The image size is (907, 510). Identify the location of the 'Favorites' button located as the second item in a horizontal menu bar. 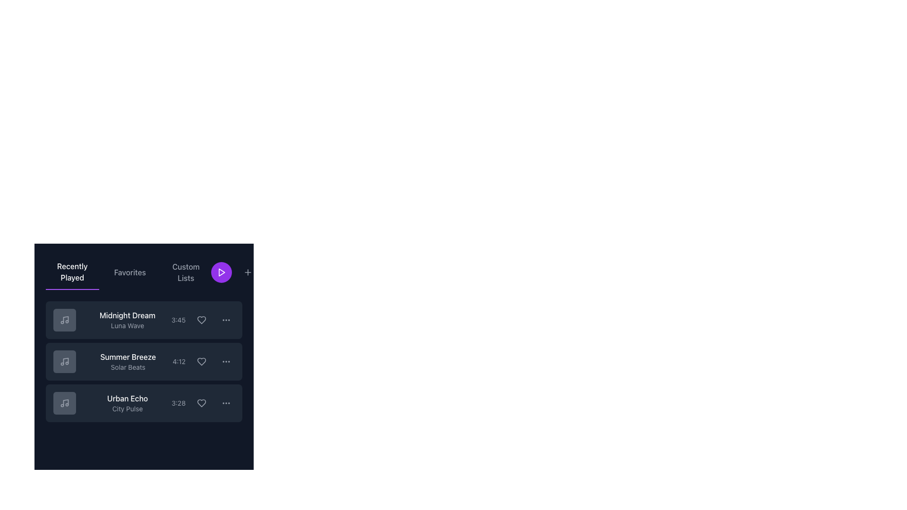
(129, 272).